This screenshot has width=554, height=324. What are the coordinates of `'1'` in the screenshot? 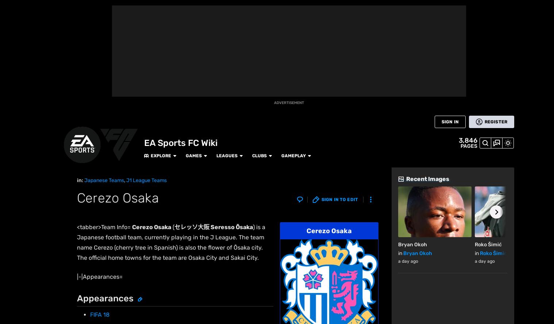 It's located at (90, 199).